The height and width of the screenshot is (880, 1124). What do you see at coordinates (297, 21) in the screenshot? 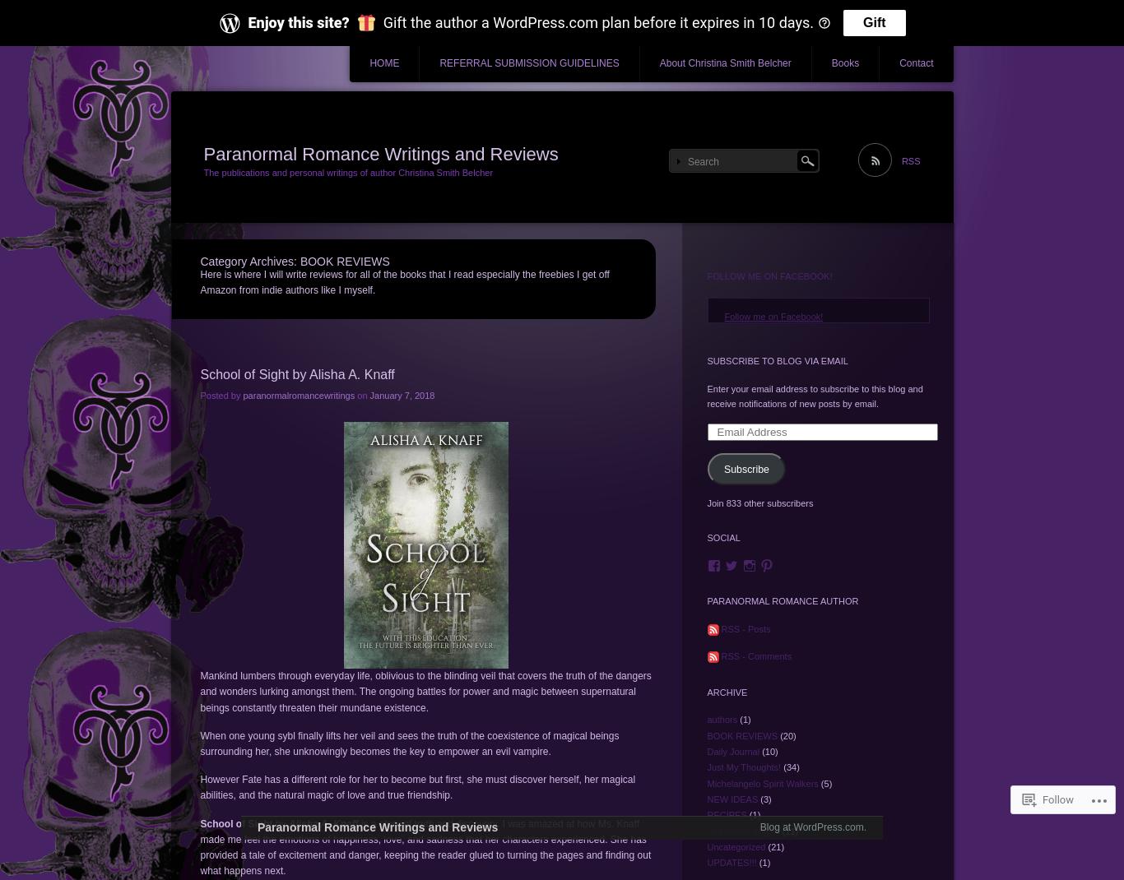
I see `'Enjoy this site?'` at bounding box center [297, 21].